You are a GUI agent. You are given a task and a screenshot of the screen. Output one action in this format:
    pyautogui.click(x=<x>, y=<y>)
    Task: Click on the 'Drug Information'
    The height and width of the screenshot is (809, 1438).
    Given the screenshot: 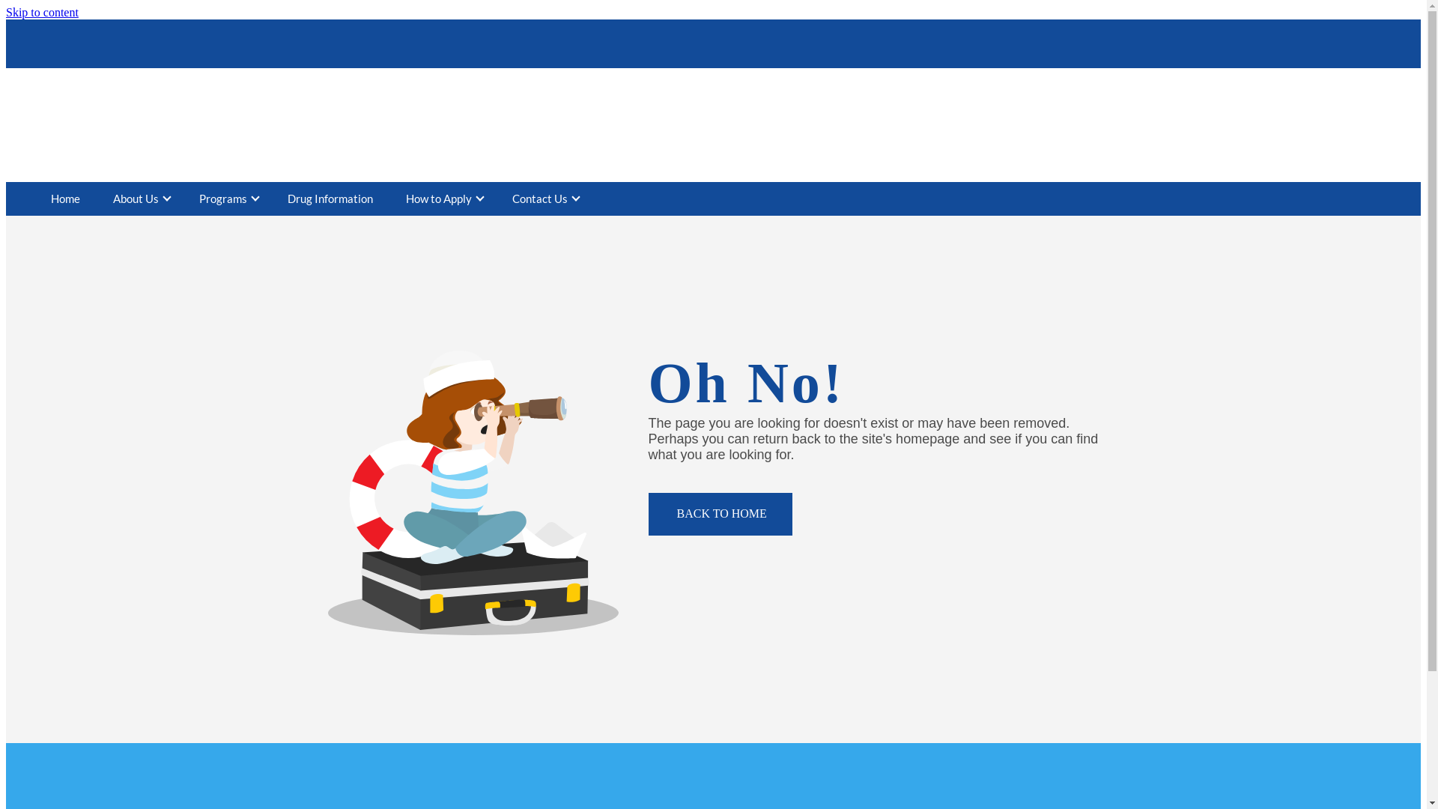 What is the action you would take?
    pyautogui.click(x=330, y=198)
    